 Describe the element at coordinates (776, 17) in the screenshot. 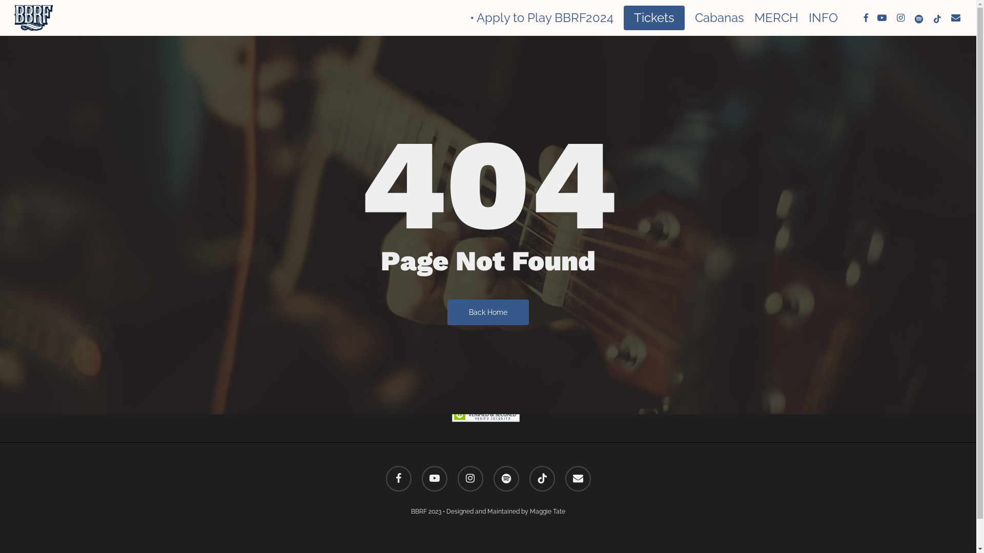

I see `'MERCH'` at that location.